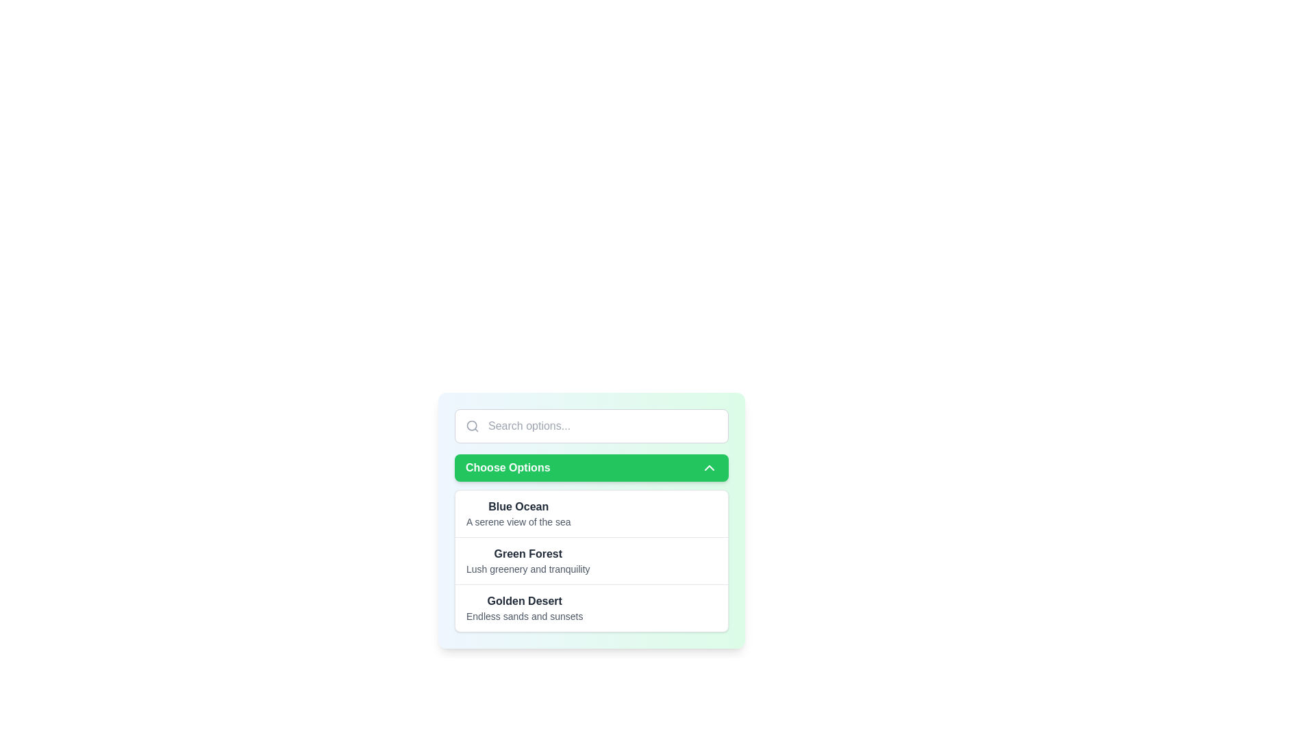  What do you see at coordinates (524, 601) in the screenshot?
I see `the text label 'Golden Desert', which is styled in bold dark gray and serves as the heading in a dropdown list` at bounding box center [524, 601].